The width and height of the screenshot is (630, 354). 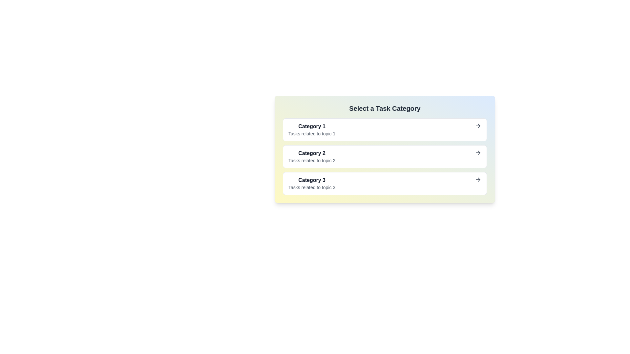 I want to click on the 'Category 3' button, so click(x=385, y=183).